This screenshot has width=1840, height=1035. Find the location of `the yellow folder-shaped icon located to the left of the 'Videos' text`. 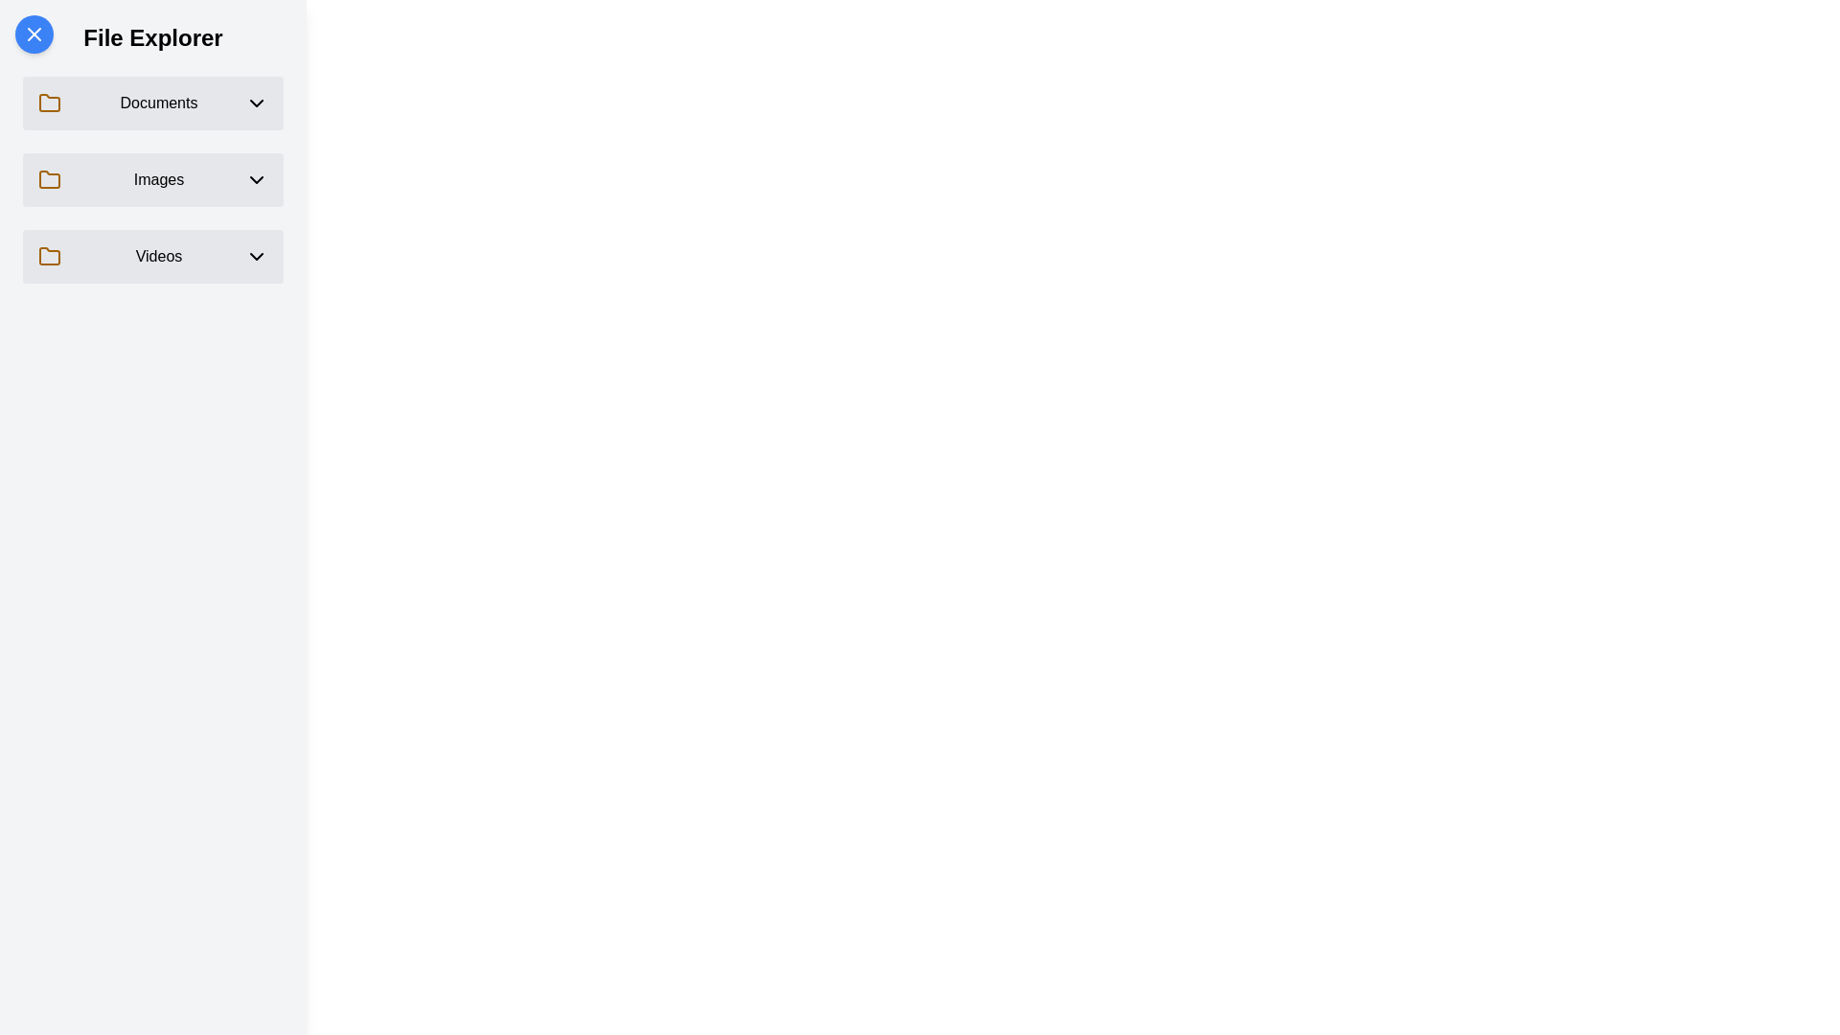

the yellow folder-shaped icon located to the left of the 'Videos' text is located at coordinates (50, 255).